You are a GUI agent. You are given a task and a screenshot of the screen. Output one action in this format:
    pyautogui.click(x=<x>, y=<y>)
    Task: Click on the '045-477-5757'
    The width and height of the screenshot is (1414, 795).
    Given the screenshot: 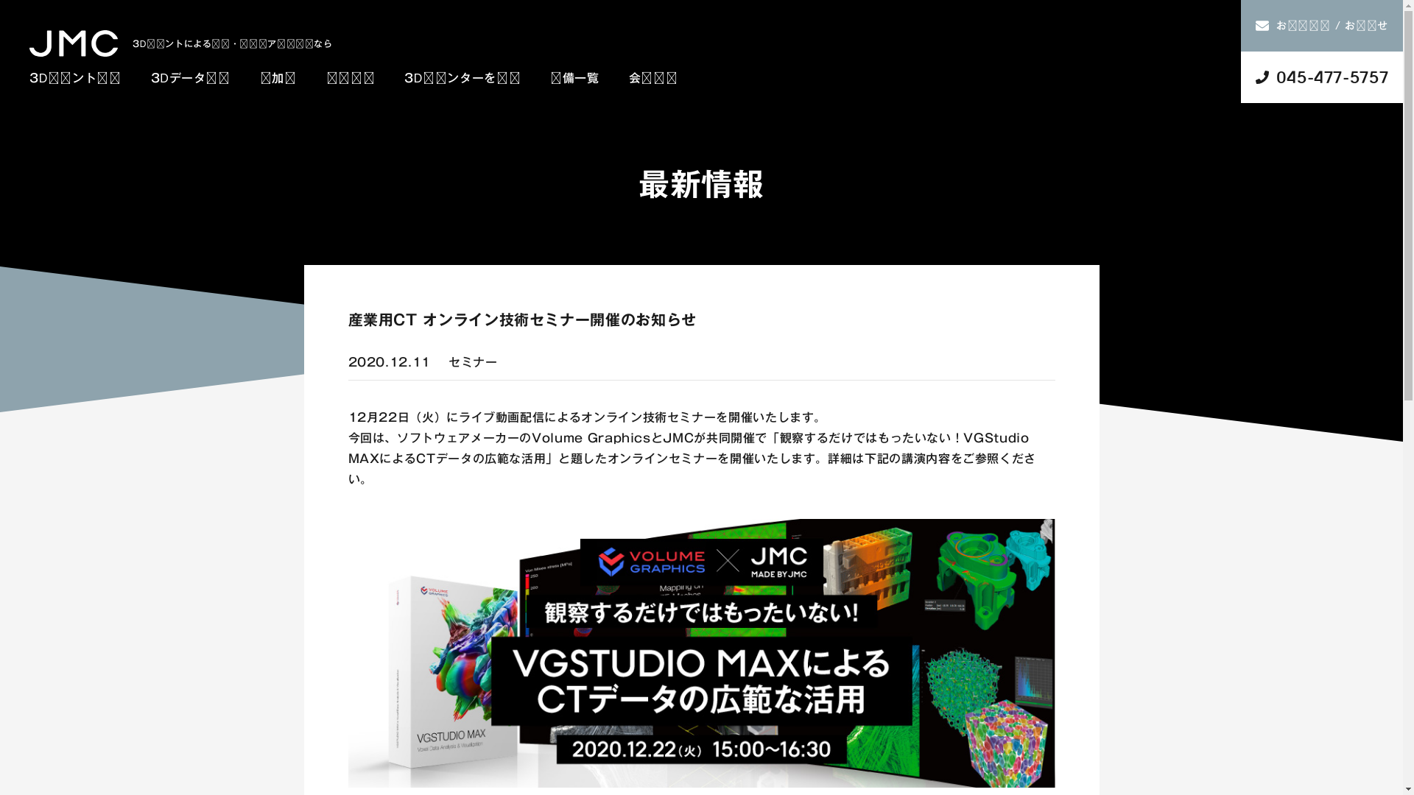 What is the action you would take?
    pyautogui.click(x=1322, y=77)
    